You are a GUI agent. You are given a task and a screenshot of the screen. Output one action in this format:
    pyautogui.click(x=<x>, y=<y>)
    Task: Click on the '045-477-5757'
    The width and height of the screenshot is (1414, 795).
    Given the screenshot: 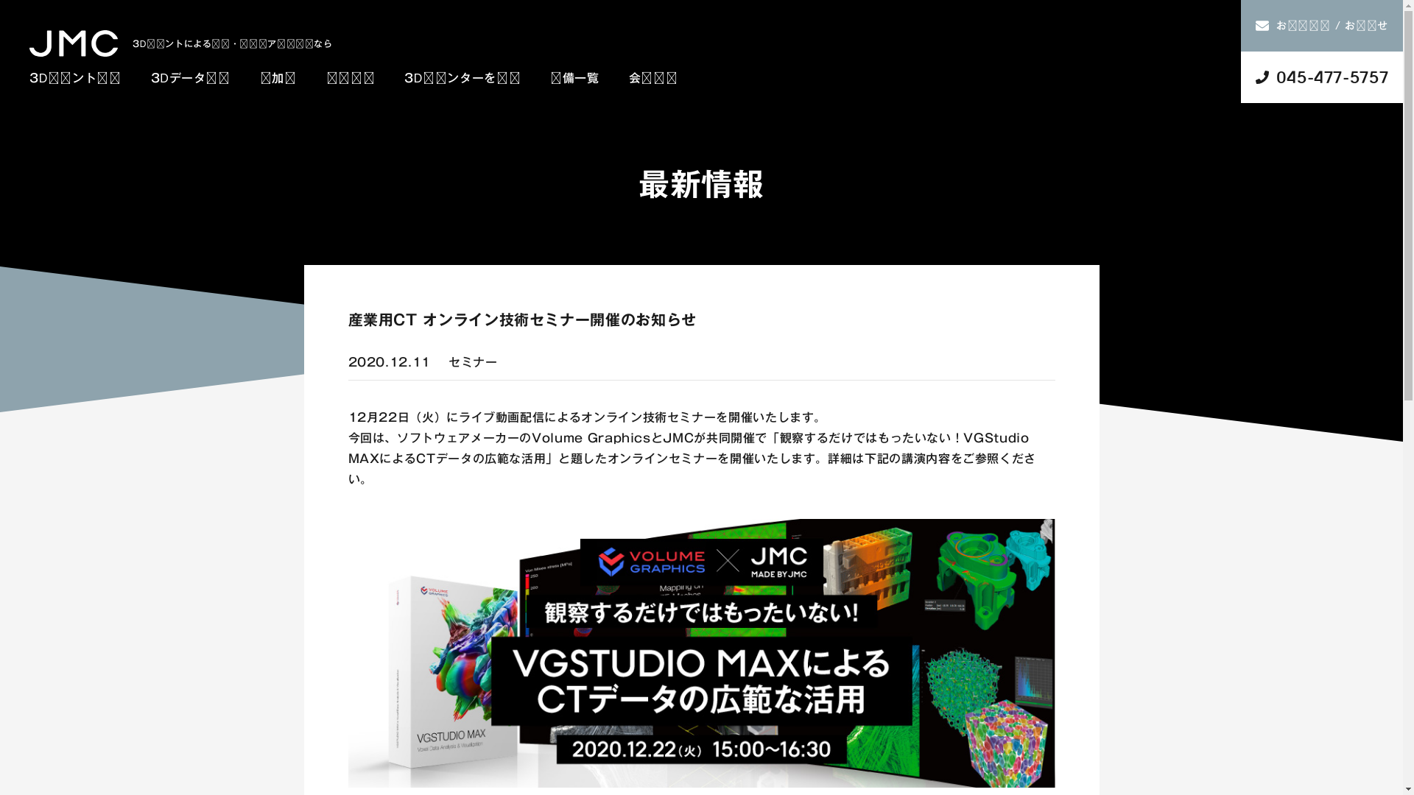 What is the action you would take?
    pyautogui.click(x=1322, y=77)
    